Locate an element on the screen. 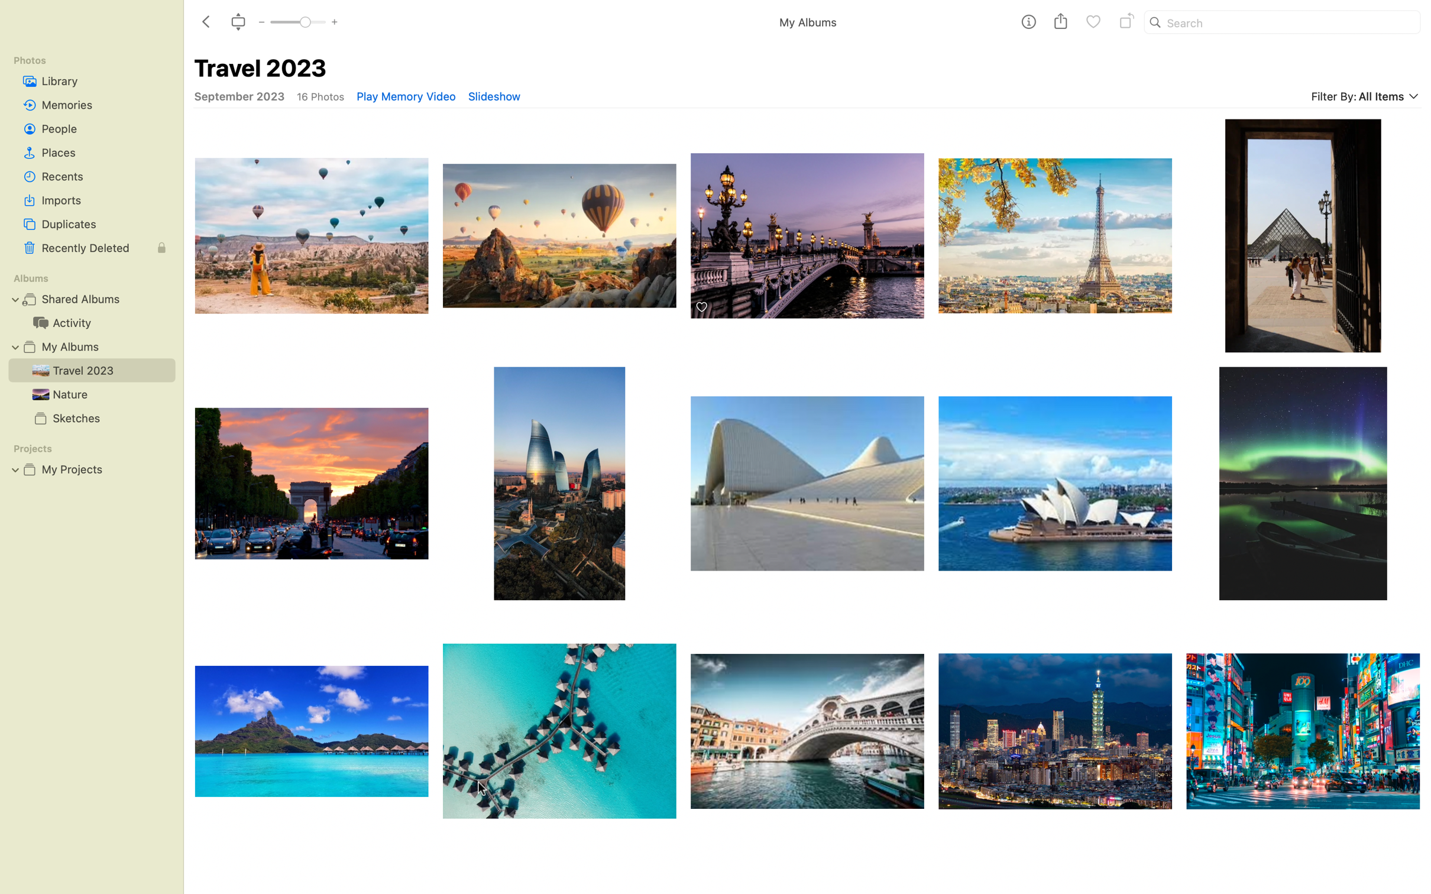  the replay of memories video is located at coordinates (405, 96).